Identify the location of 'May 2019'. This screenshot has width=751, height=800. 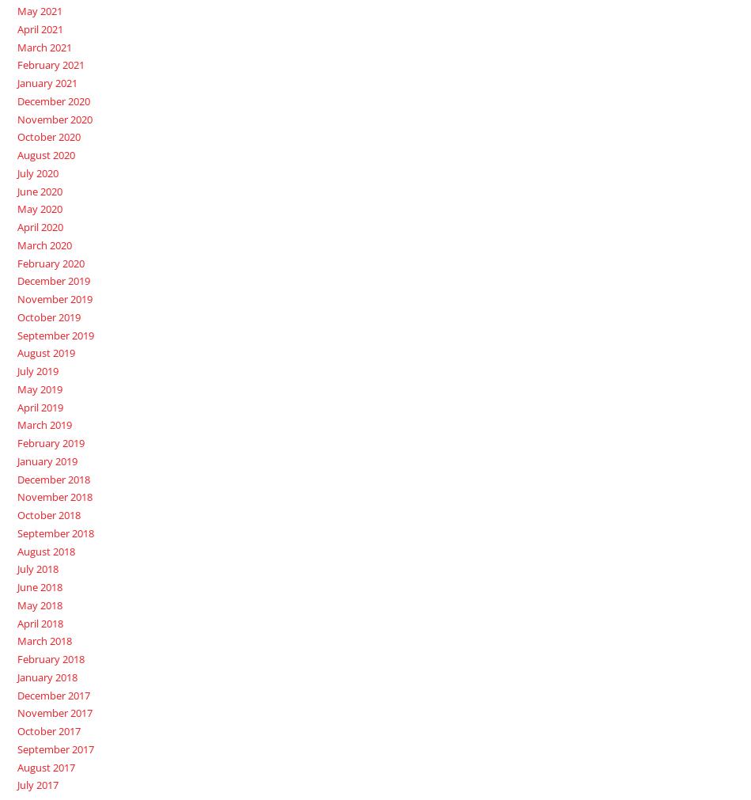
(39, 388).